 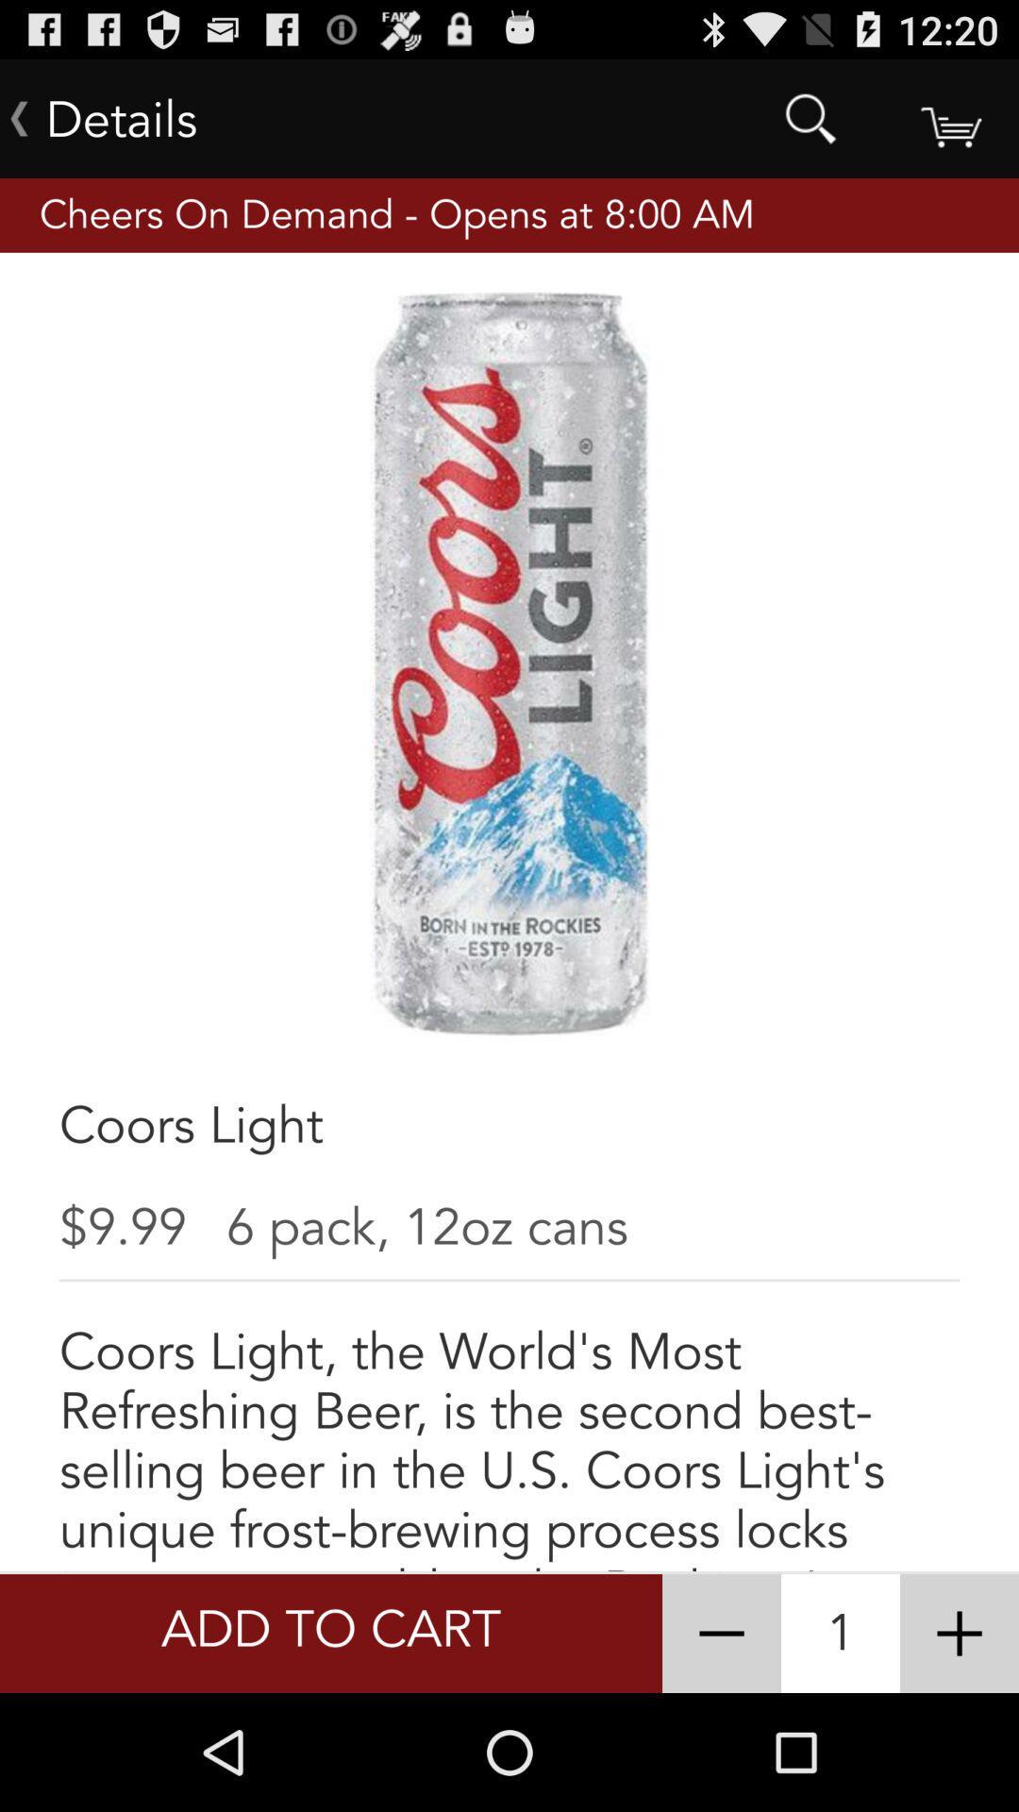 I want to click on reducing the number of item icon, so click(x=721, y=1633).